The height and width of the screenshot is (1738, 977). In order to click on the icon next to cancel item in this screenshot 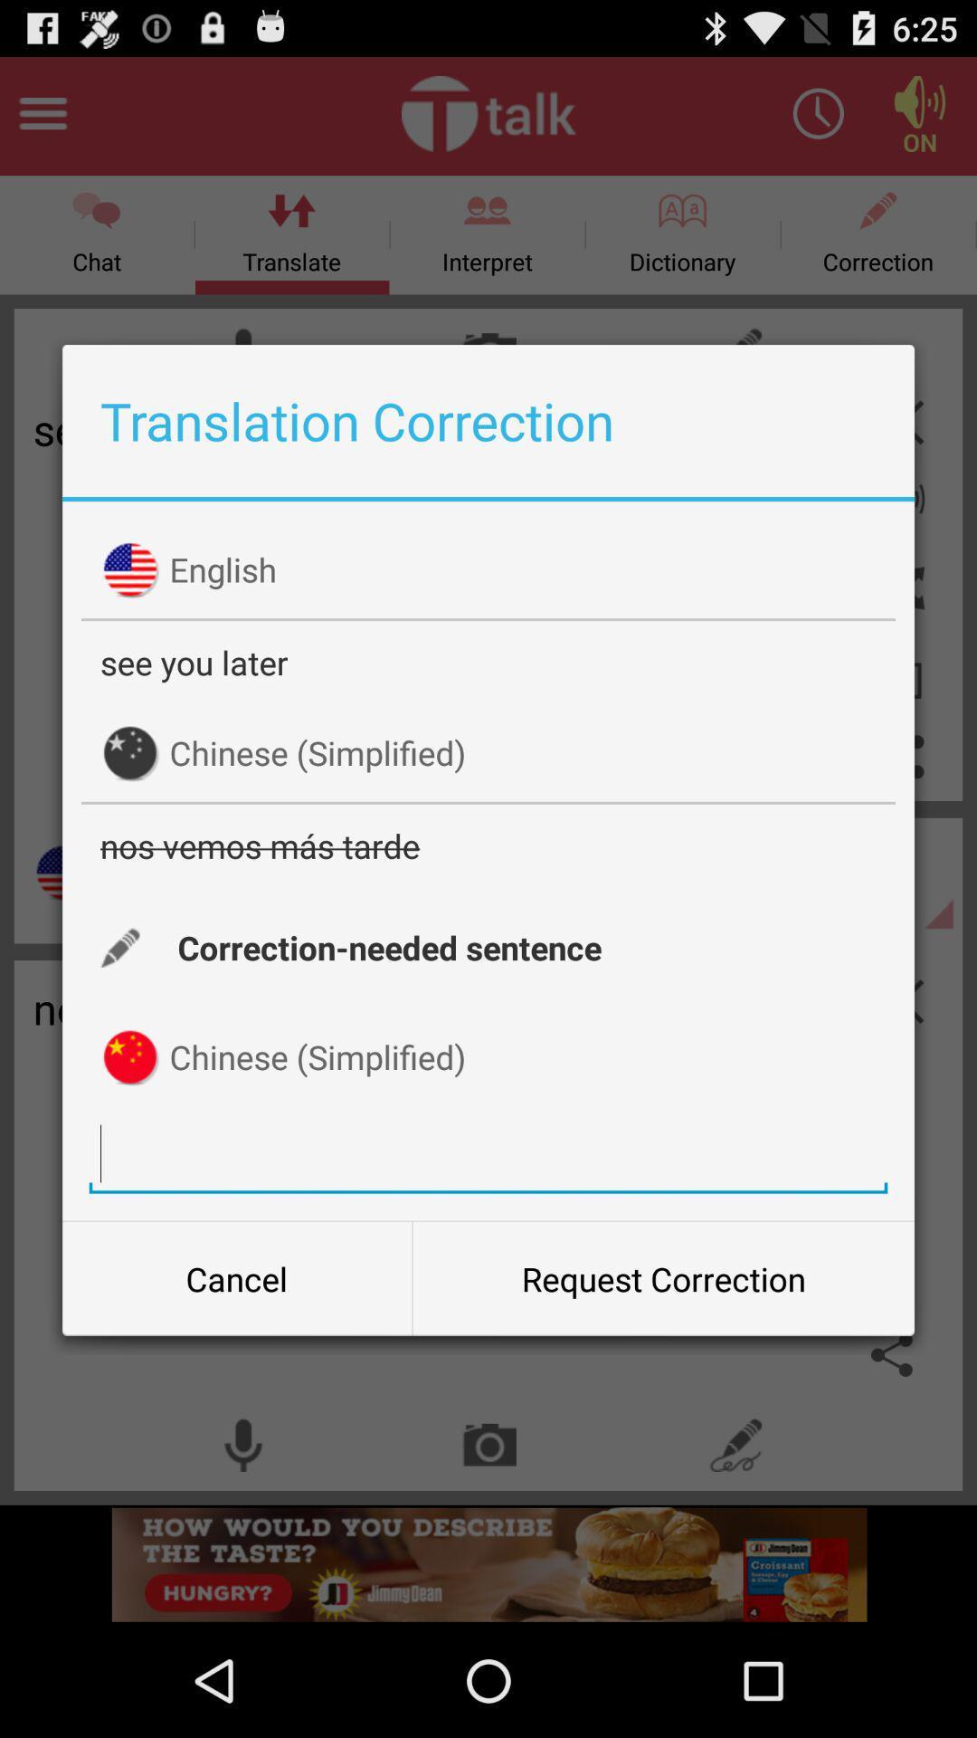, I will do `click(663, 1277)`.